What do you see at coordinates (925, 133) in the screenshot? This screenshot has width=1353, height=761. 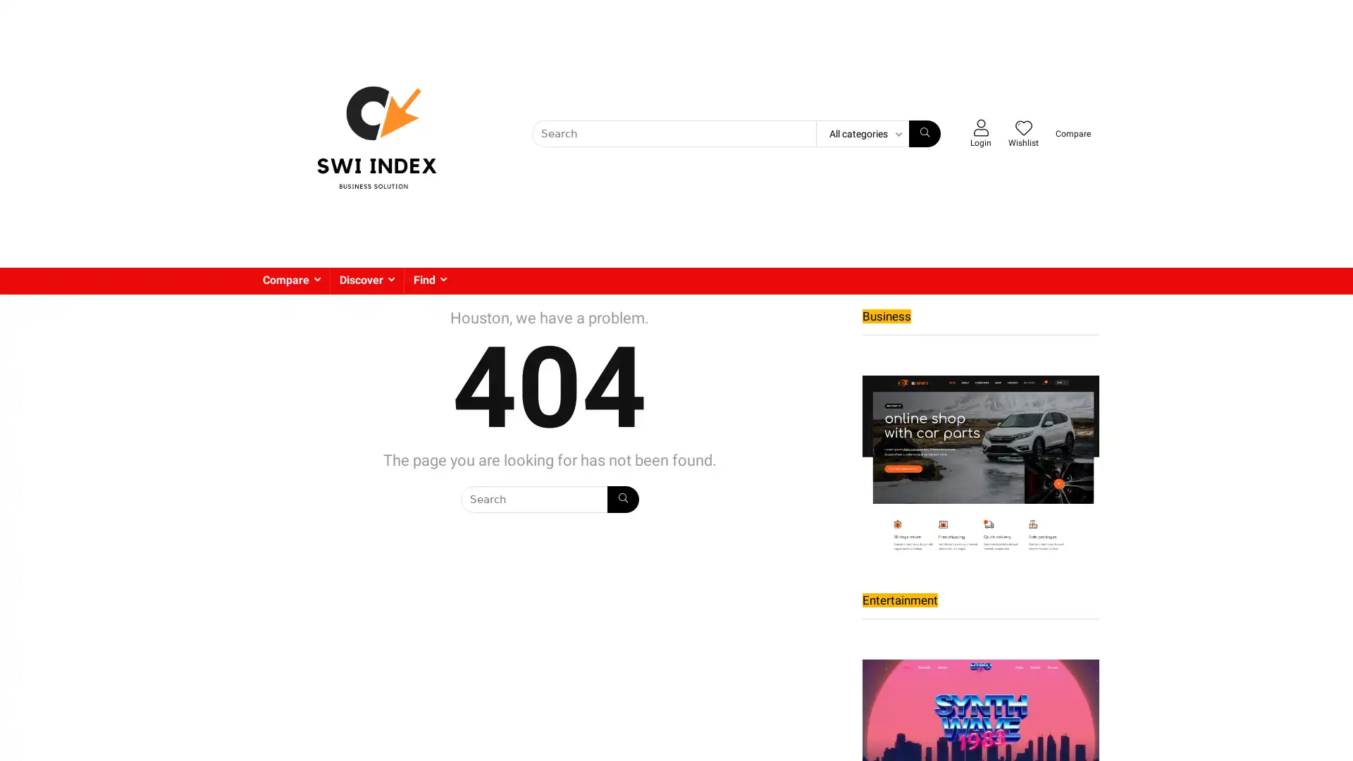 I see `Search` at bounding box center [925, 133].